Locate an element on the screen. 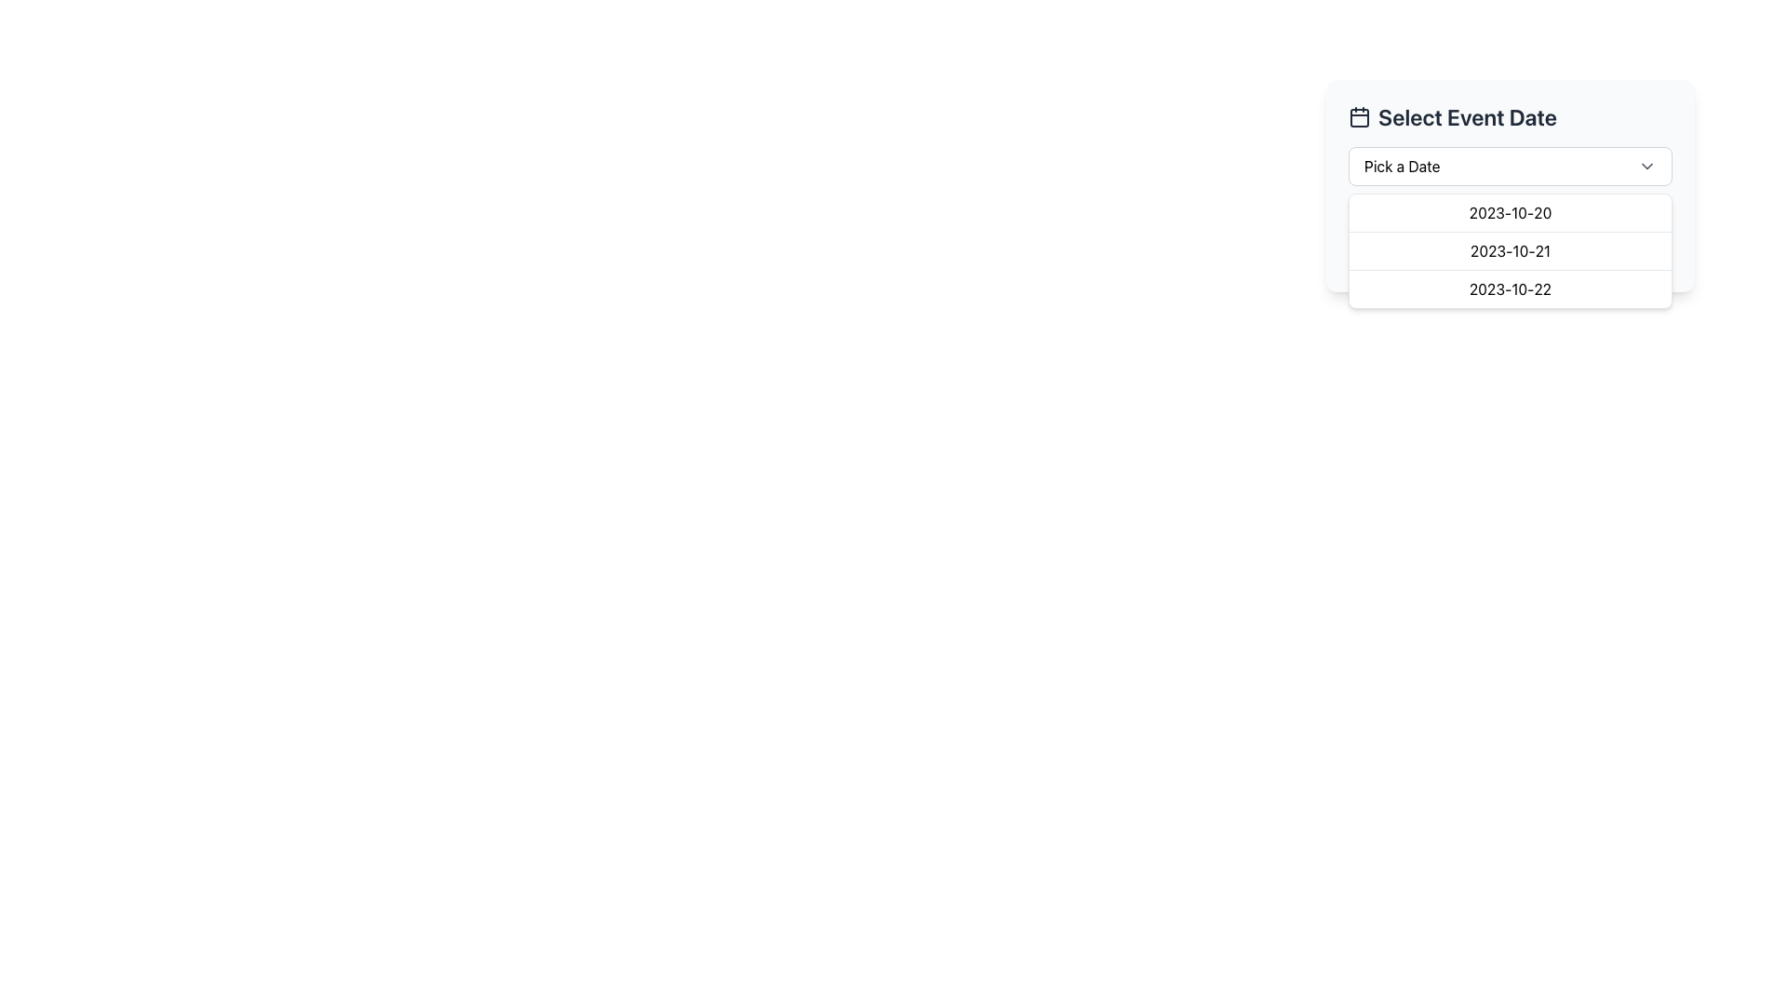 This screenshot has height=1005, width=1787. the first option in the dropdown menu labeled 'Select Event Date' is located at coordinates (1510, 211).